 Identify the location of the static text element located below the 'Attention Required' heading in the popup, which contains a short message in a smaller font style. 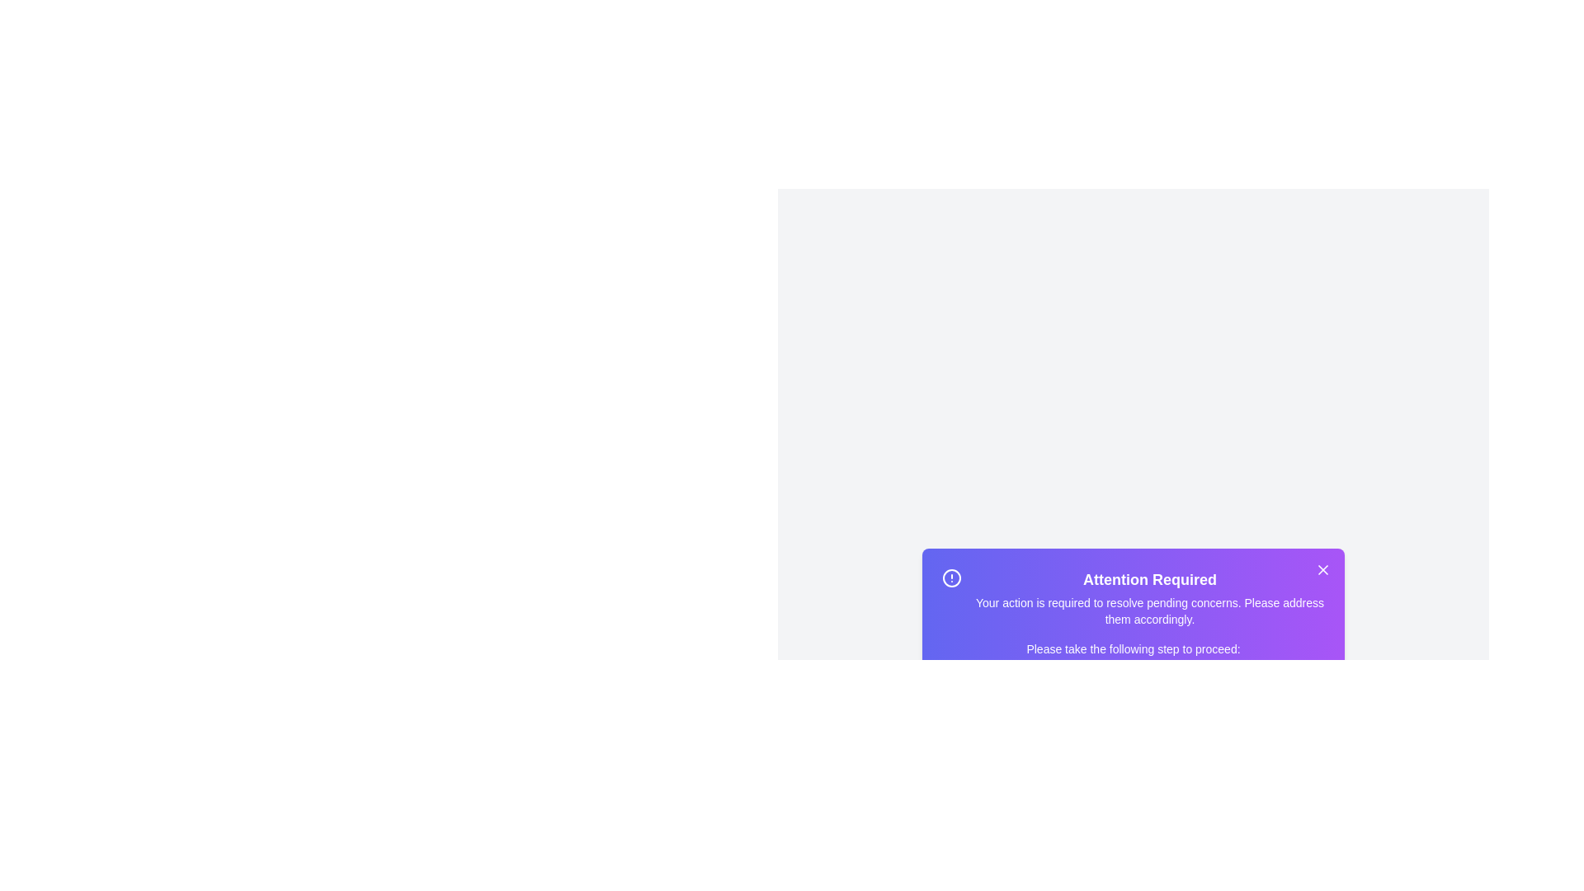
(1148, 610).